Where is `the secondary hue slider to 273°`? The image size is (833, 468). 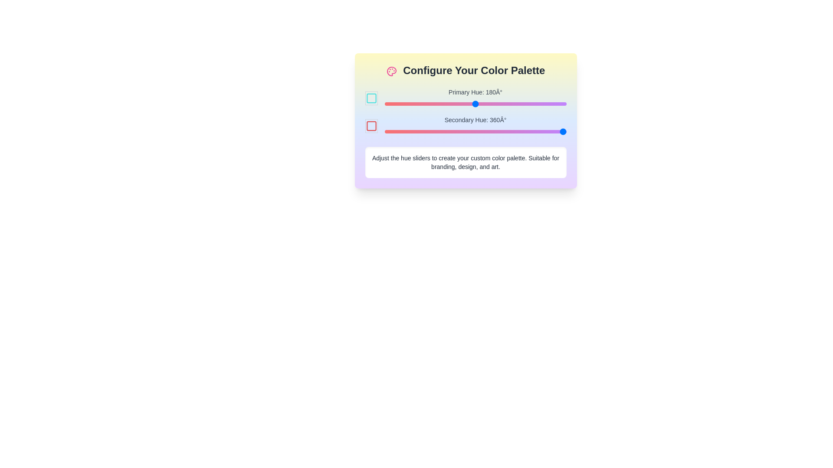 the secondary hue slider to 273° is located at coordinates (522, 132).